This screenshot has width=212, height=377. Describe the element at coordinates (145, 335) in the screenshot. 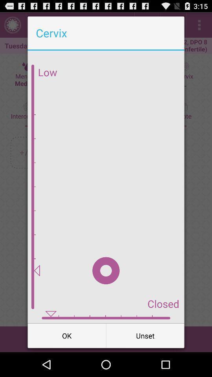

I see `icon at the bottom right corner` at that location.